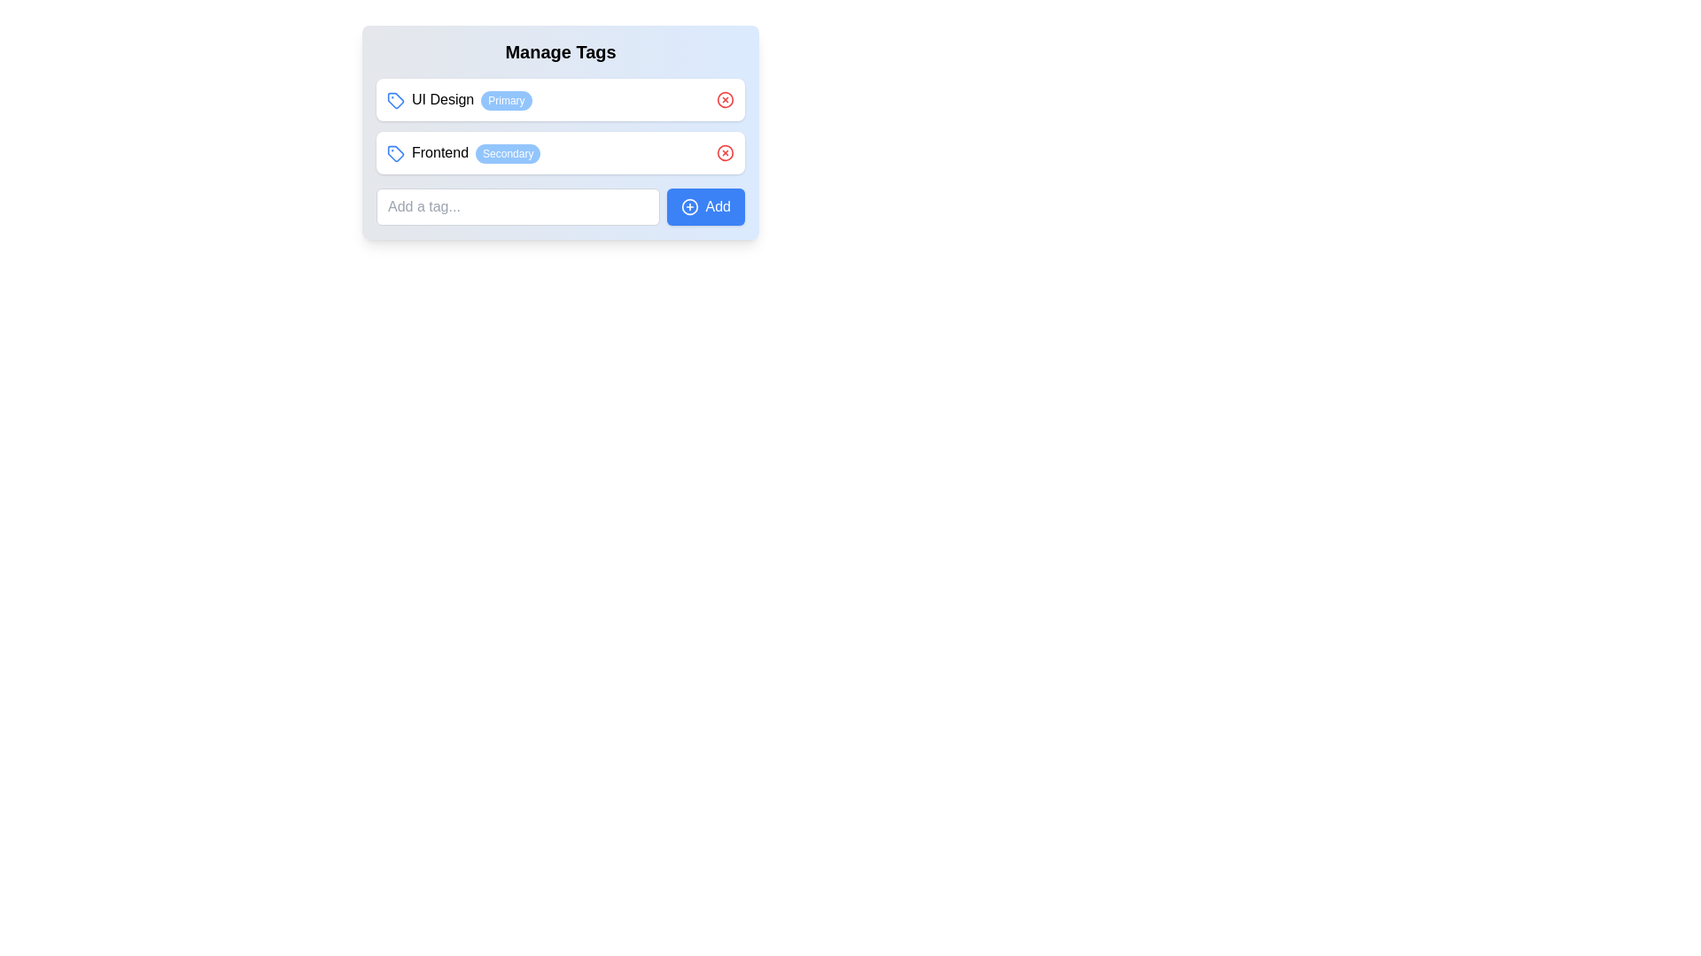 This screenshot has height=956, width=1701. Describe the element at coordinates (704, 206) in the screenshot. I see `the blue button labeled 'Add' with a plus icon` at that location.